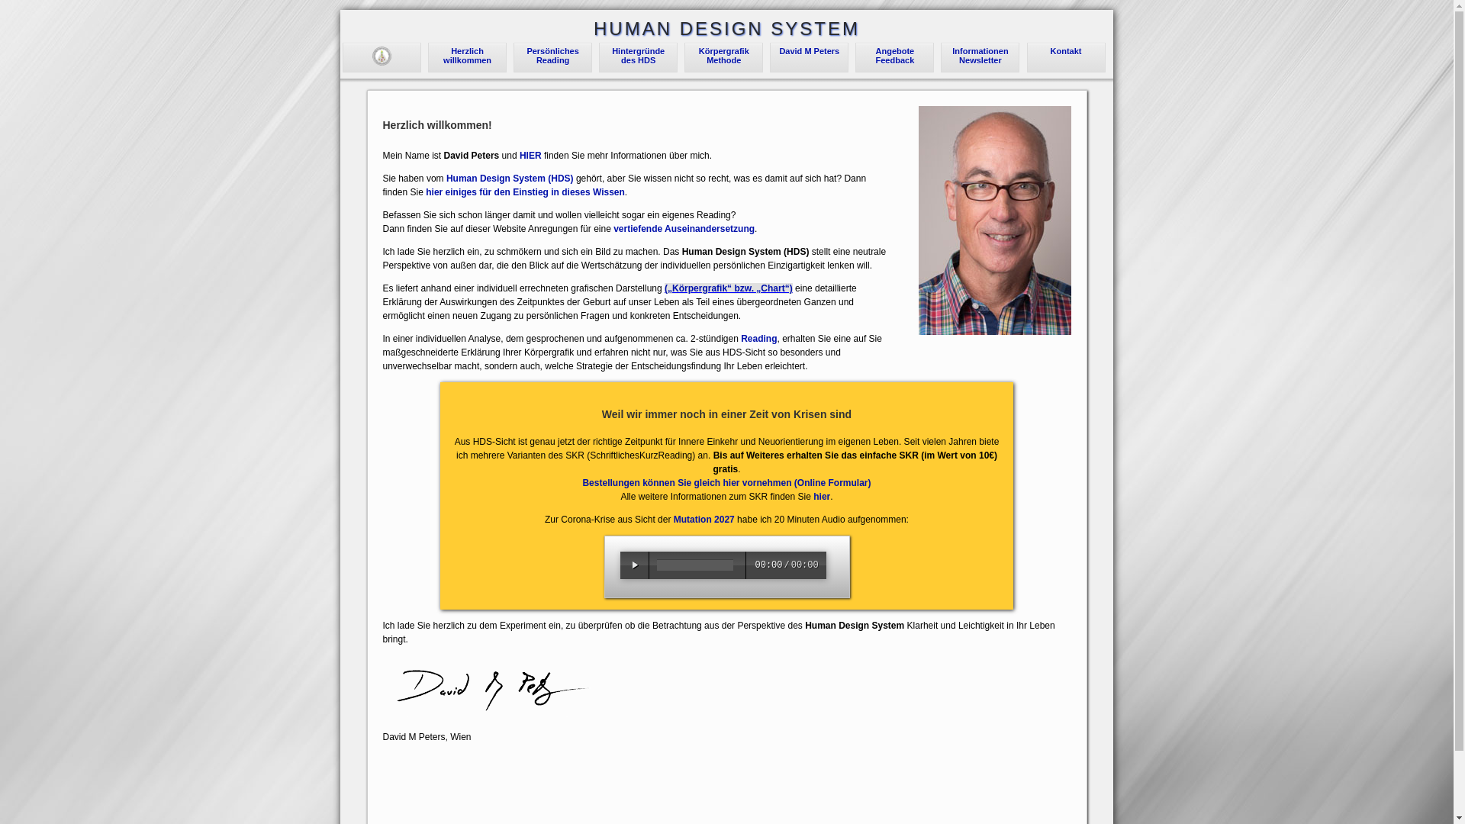 The width and height of the screenshot is (1465, 824). What do you see at coordinates (613, 229) in the screenshot?
I see `'vertiefende Auseinandersetzung'` at bounding box center [613, 229].